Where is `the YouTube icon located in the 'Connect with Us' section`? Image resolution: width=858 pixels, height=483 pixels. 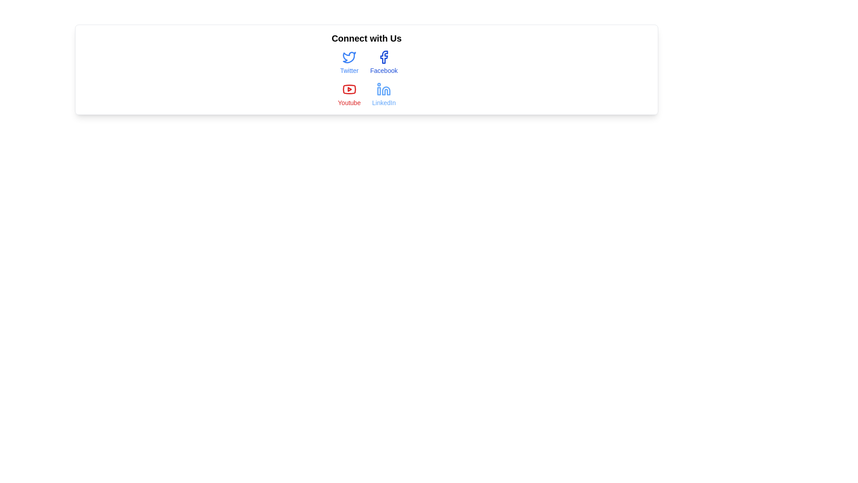 the YouTube icon located in the 'Connect with Us' section is located at coordinates (349, 89).